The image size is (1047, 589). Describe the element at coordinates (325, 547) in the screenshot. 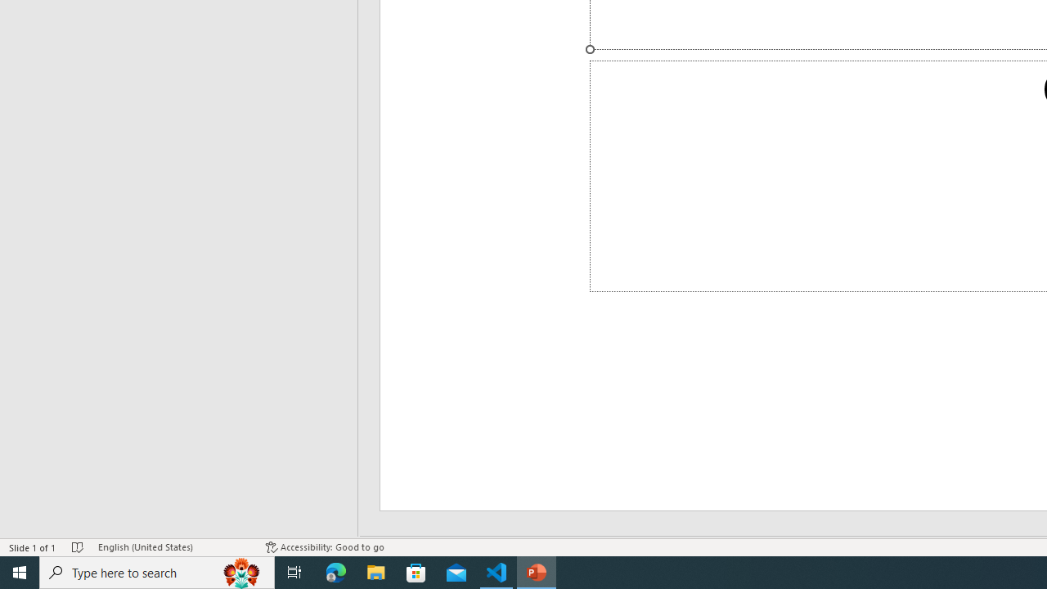

I see `'Accessibility Checker Accessibility: Good to go'` at that location.